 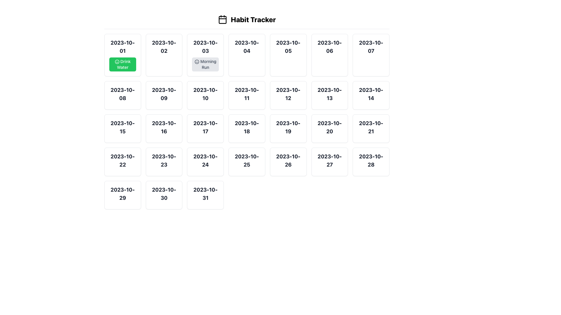 I want to click on the text label indicating the date '2023-10-17' in the calendar display, which is located in the third row and third column of the calendar grid, so click(x=205, y=127).